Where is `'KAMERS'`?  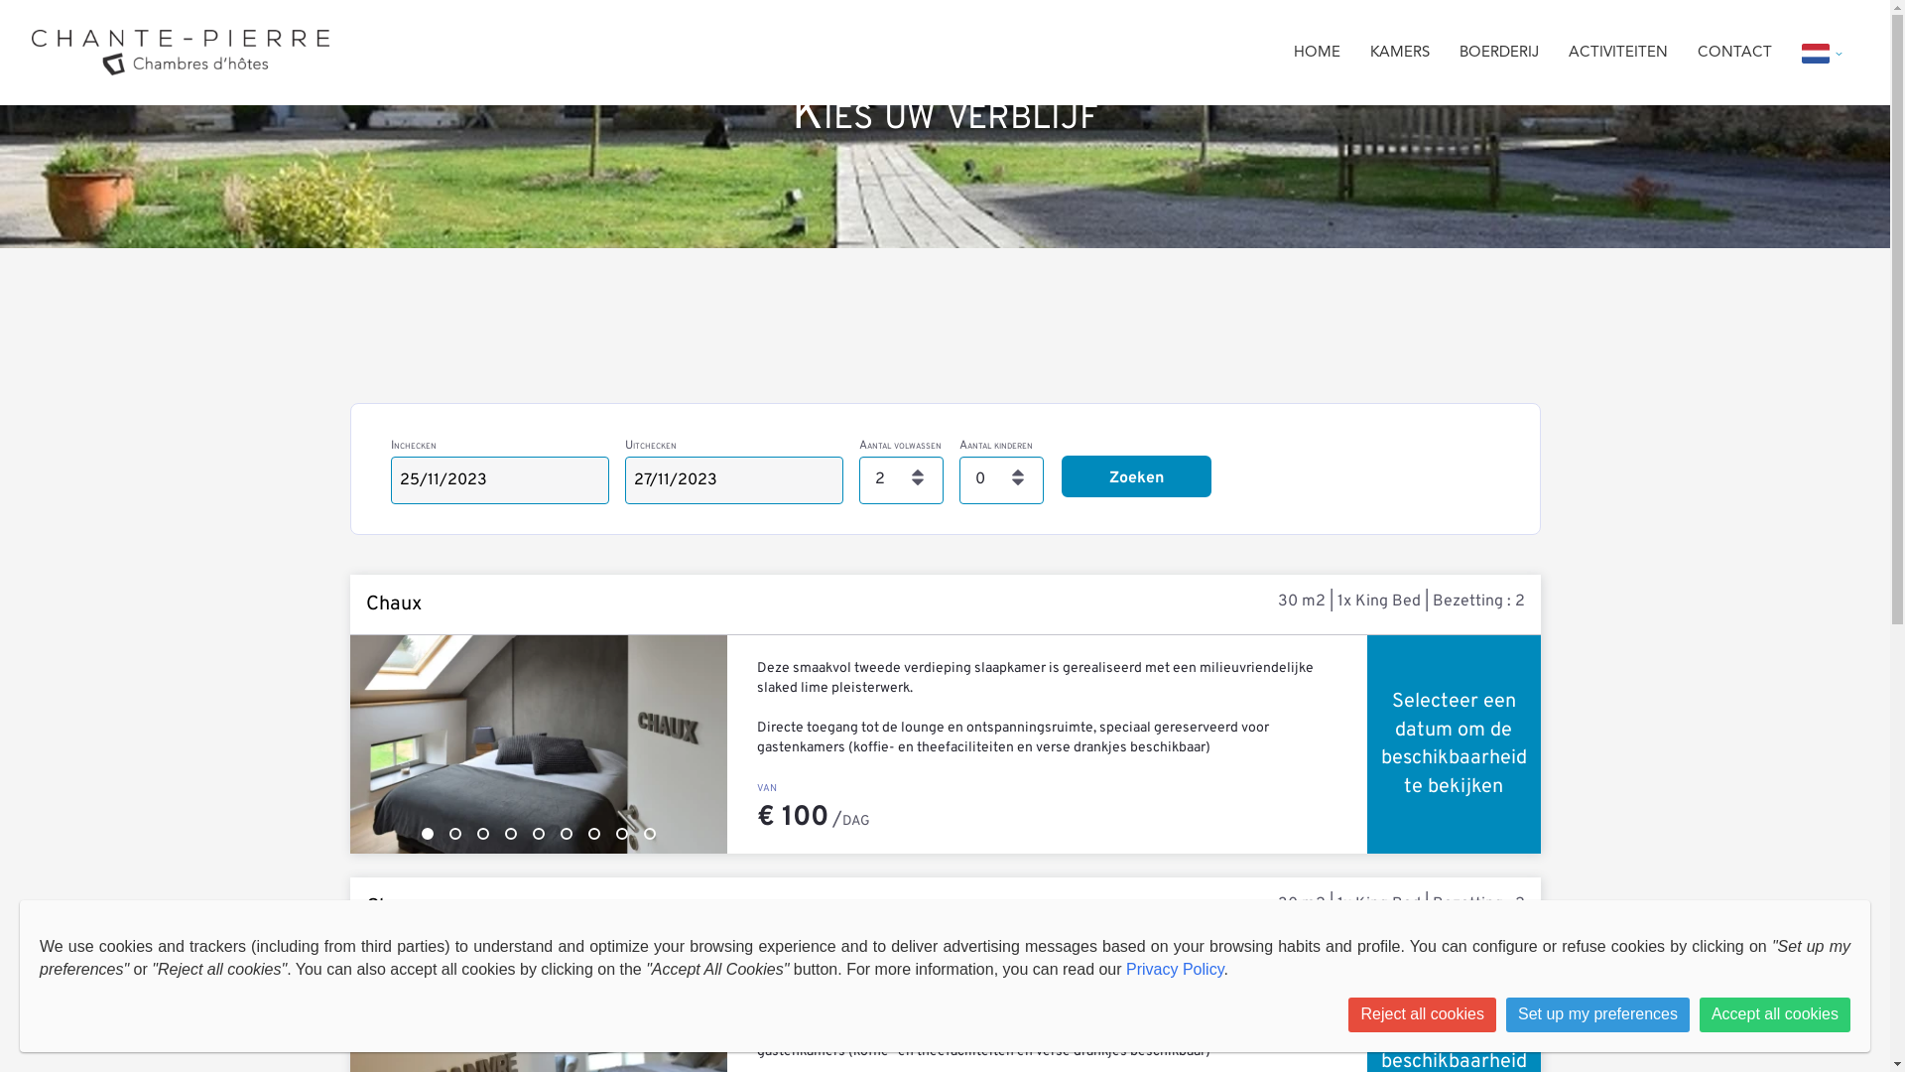
'KAMERS' is located at coordinates (1399, 52).